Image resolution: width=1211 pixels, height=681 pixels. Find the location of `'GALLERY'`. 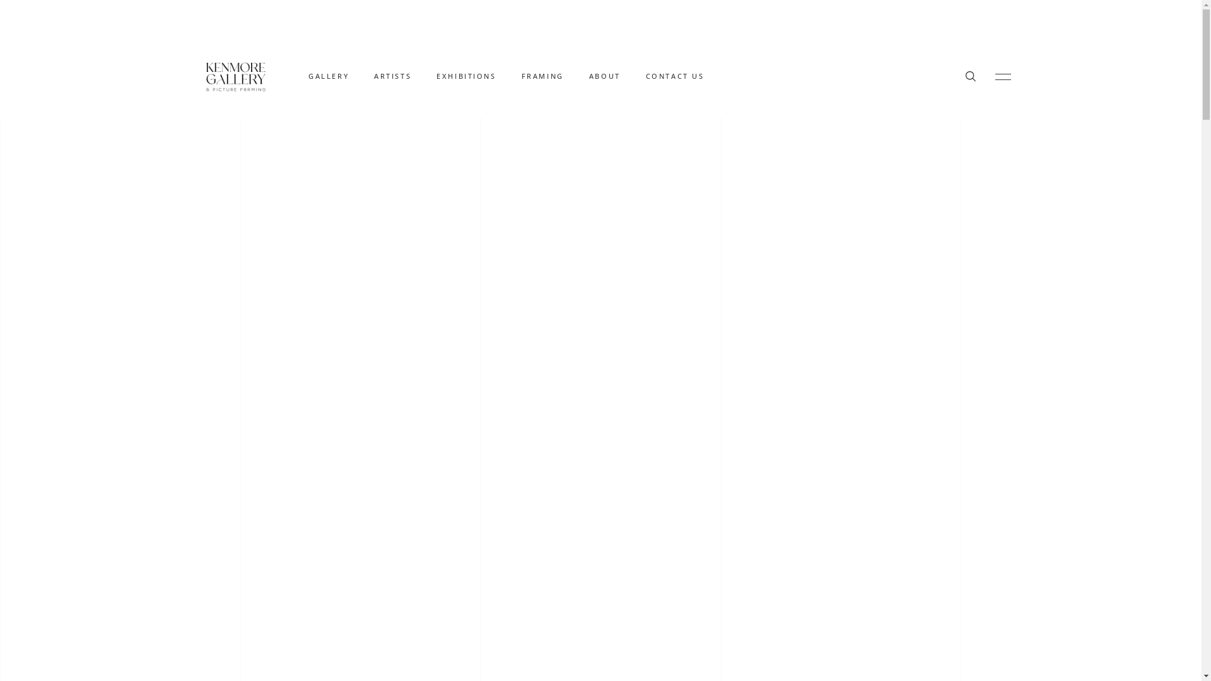

'GALLERY' is located at coordinates (329, 76).